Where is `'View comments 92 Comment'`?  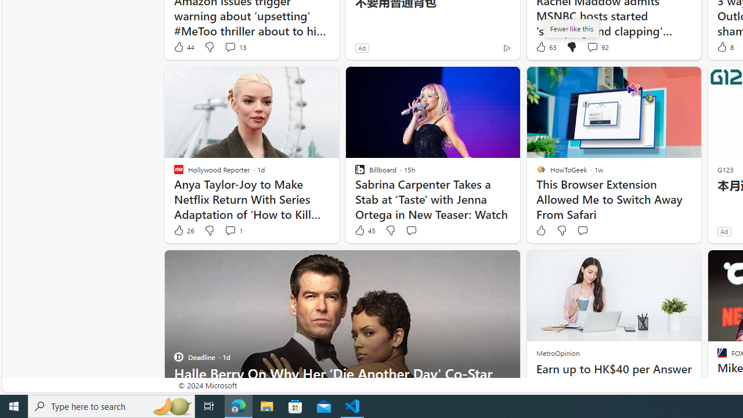 'View comments 92 Comment' is located at coordinates (592, 46).